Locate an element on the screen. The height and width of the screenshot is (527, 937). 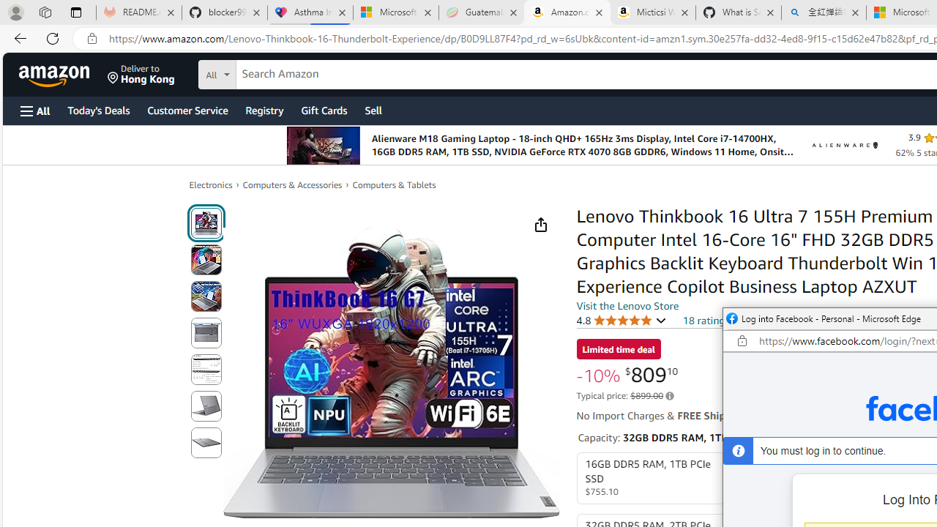
'Computers & Tablets' is located at coordinates (394, 184).